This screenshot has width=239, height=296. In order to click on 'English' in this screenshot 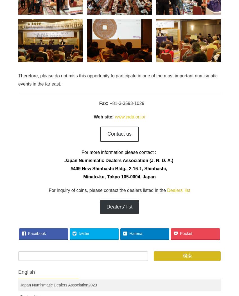, I will do `click(26, 272)`.